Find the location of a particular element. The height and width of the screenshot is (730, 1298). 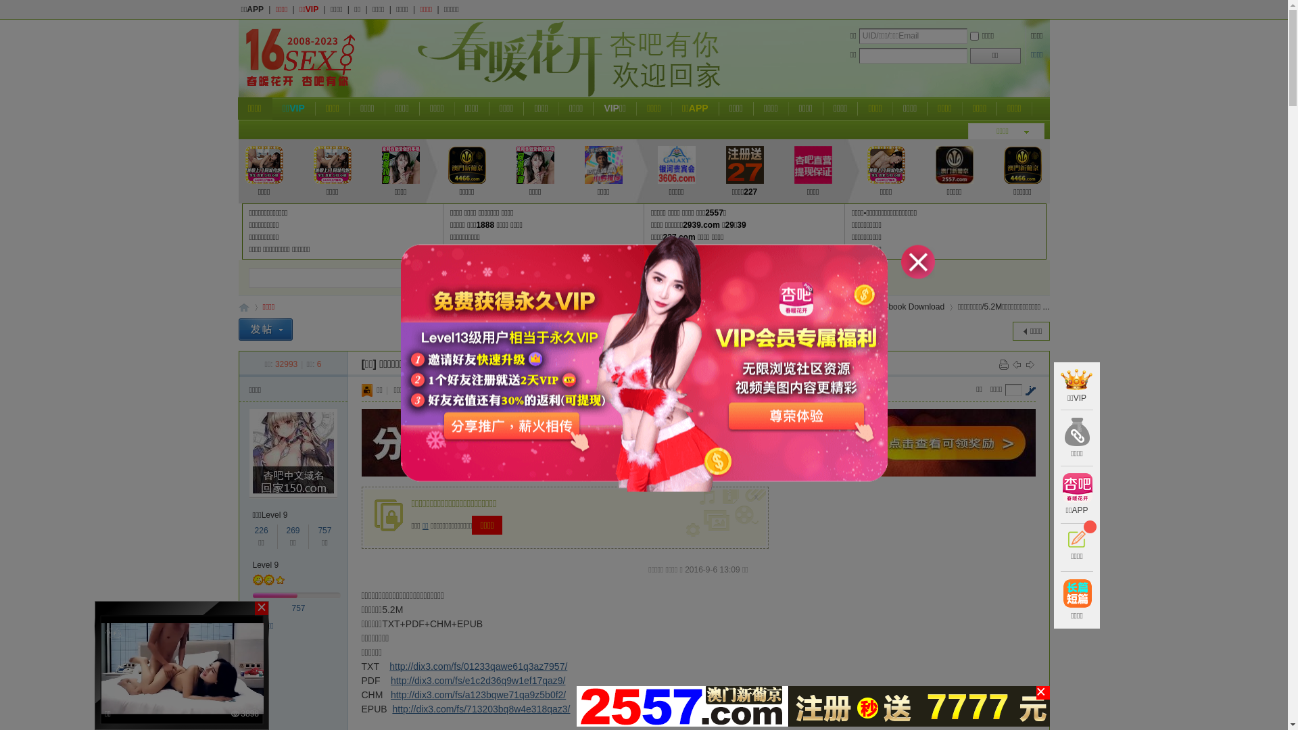

'http://dix3.com/fs/713203bq8w4e318qaz3/' is located at coordinates (481, 708).